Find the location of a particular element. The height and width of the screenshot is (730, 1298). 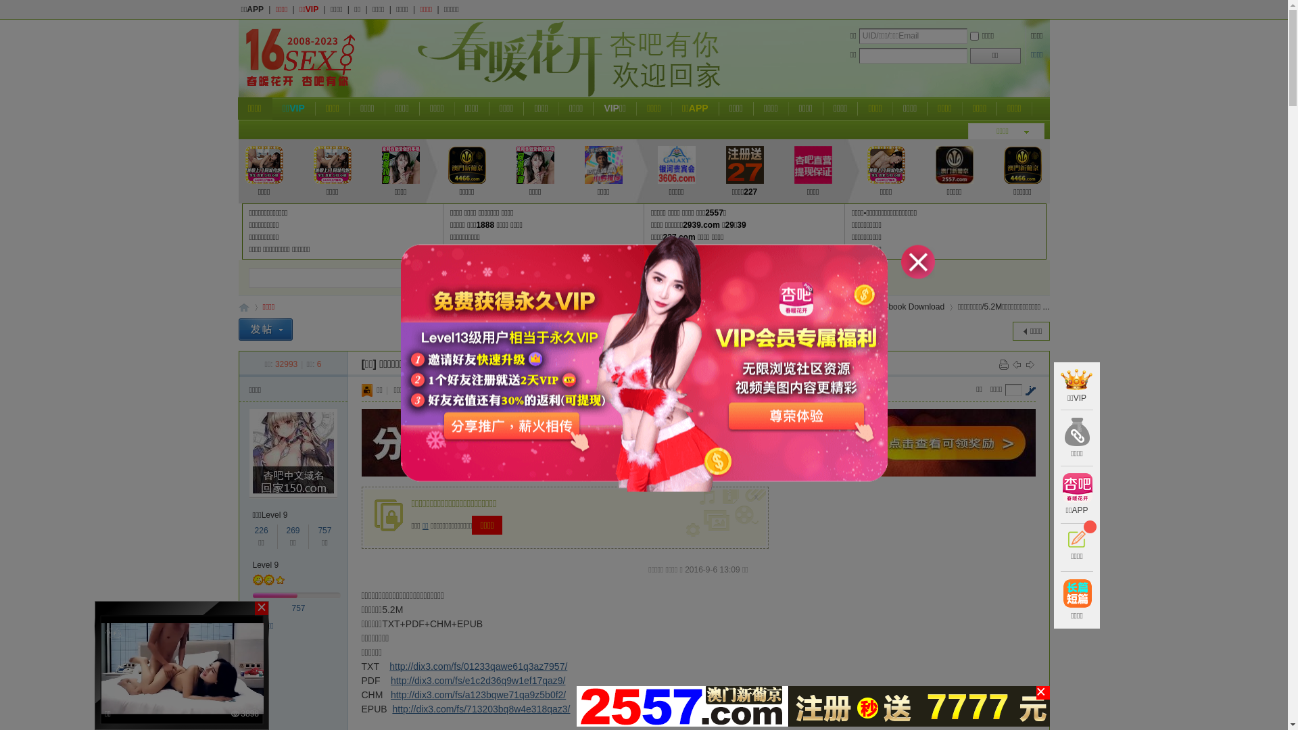

'http://dix3.com/fs/713203bq8w4e318qaz3/' is located at coordinates (481, 708).